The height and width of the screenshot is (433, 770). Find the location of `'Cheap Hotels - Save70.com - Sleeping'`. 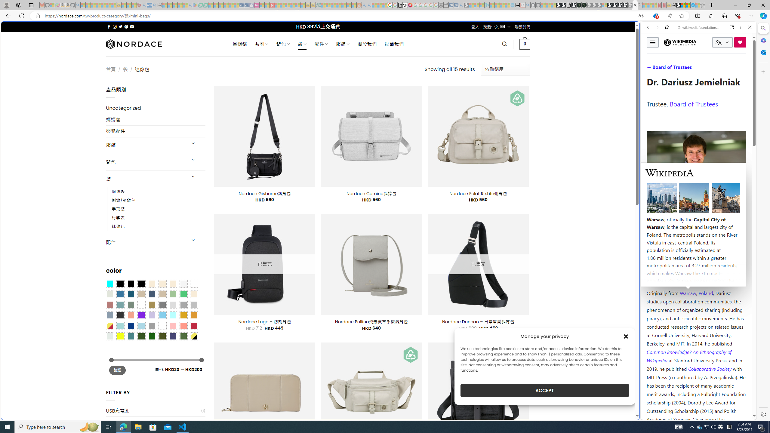

'Cheap Hotels - Save70.com - Sleeping' is located at coordinates (246, 5).